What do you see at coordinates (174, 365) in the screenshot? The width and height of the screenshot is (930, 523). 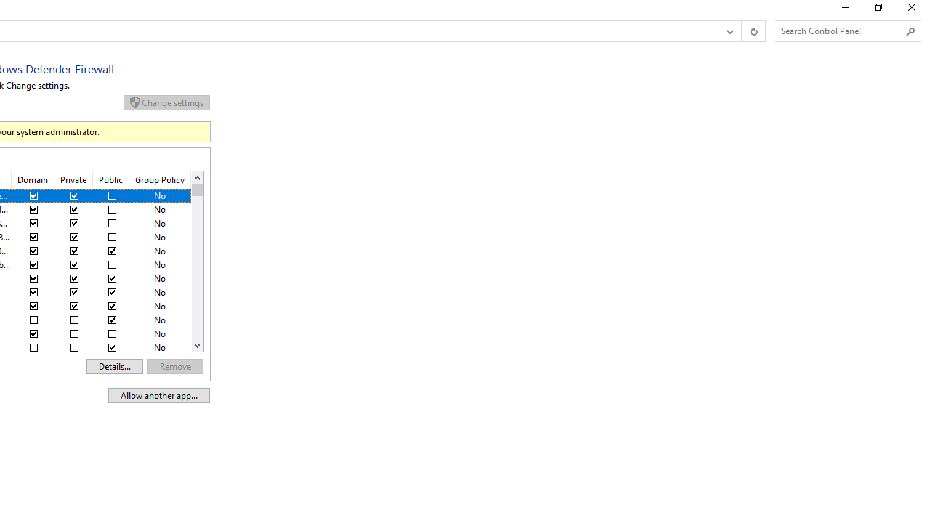 I see `'Remove'` at bounding box center [174, 365].